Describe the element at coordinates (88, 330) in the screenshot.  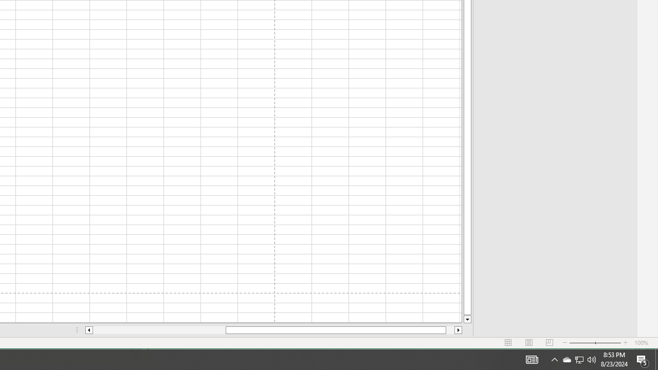
I see `'Column left'` at that location.